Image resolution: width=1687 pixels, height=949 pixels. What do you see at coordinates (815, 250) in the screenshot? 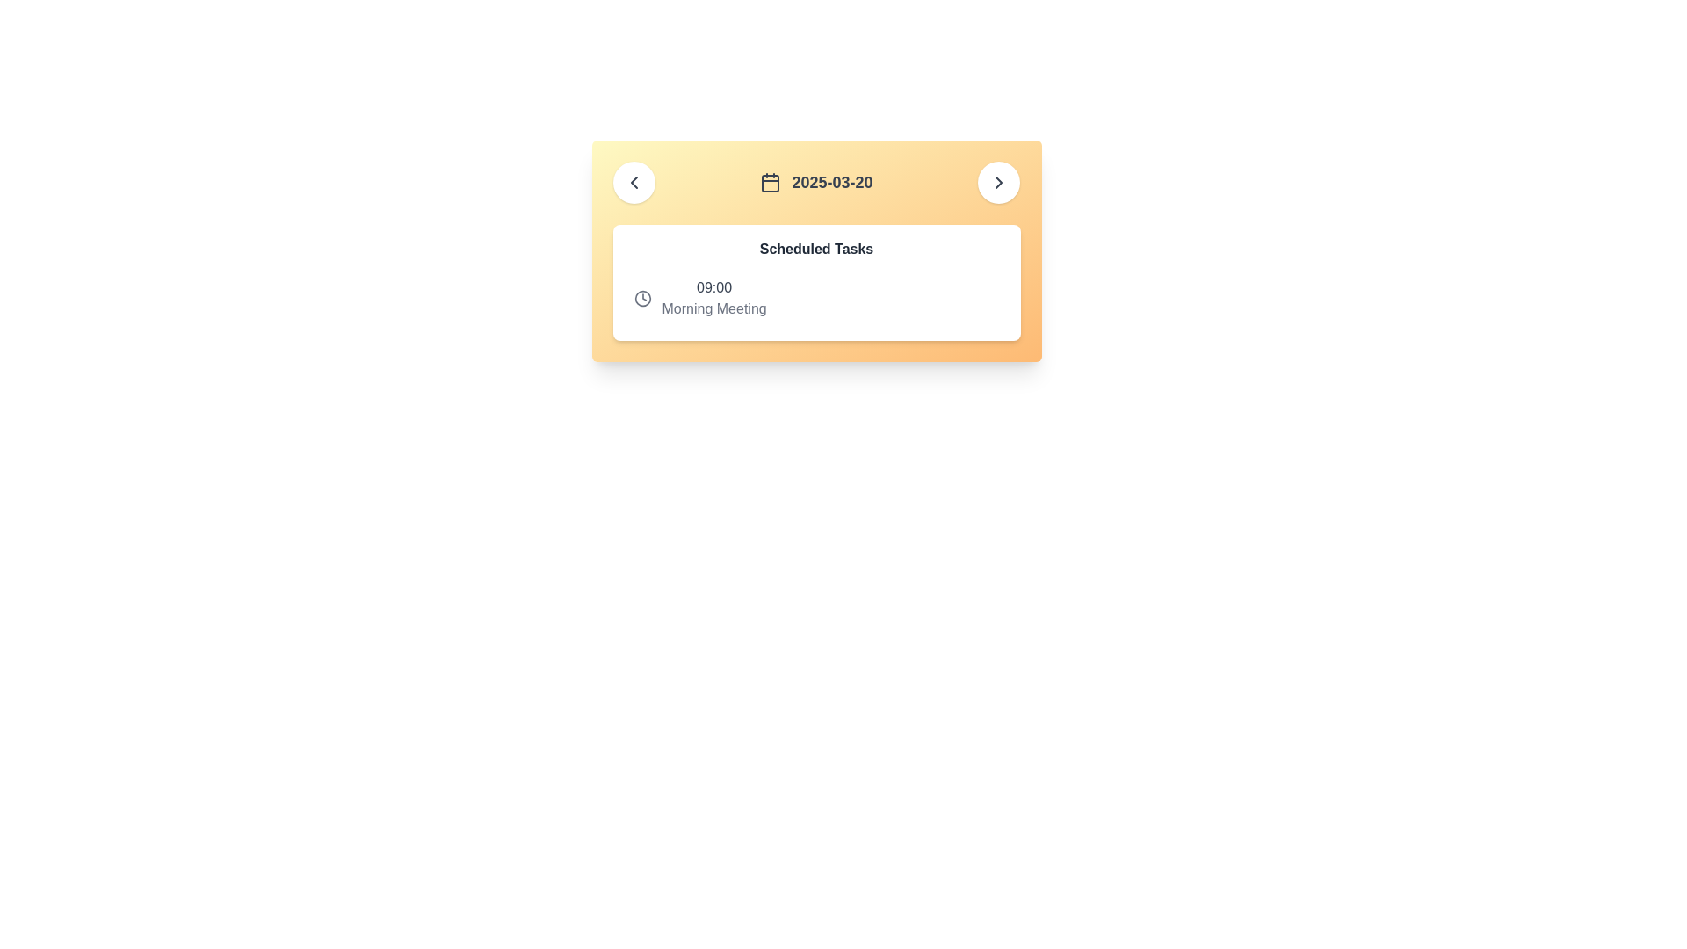
I see `the header text label that says 'Scheduled Tasks', which is styled in bold and located at the top of a white rounded rectangle card layout` at bounding box center [815, 250].